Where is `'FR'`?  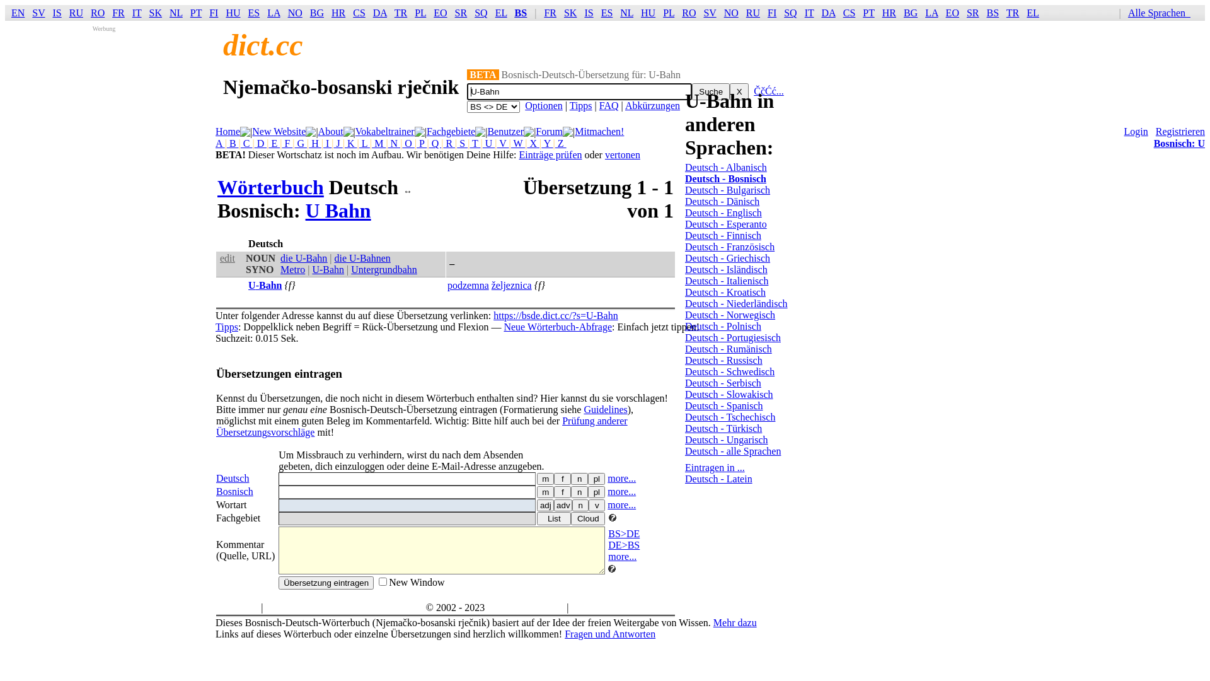
'FR' is located at coordinates (544, 13).